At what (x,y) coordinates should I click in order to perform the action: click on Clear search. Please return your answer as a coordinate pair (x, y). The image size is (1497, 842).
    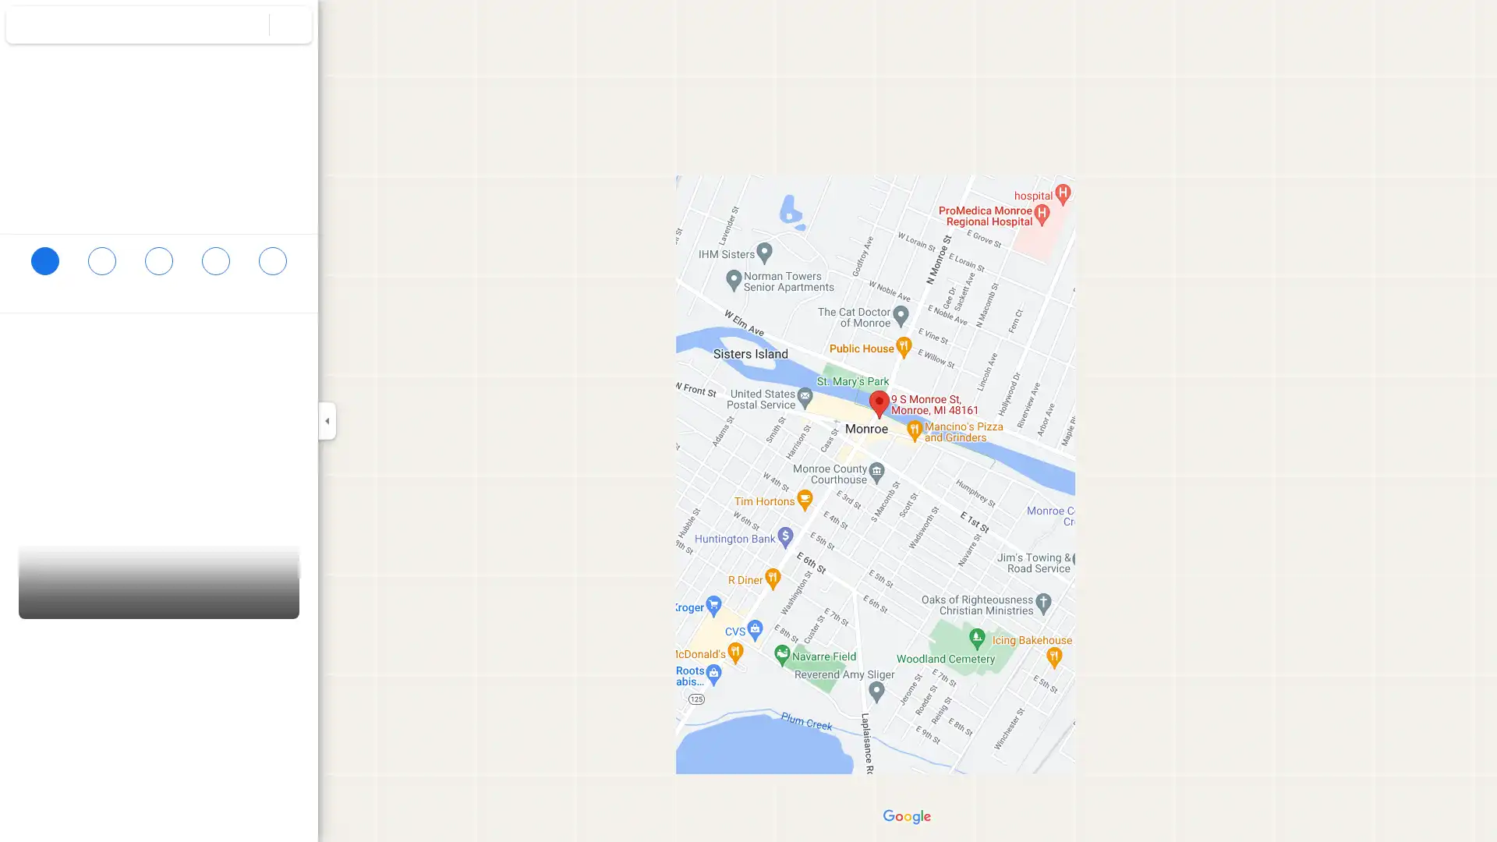
    Looking at the image, I should click on (291, 24).